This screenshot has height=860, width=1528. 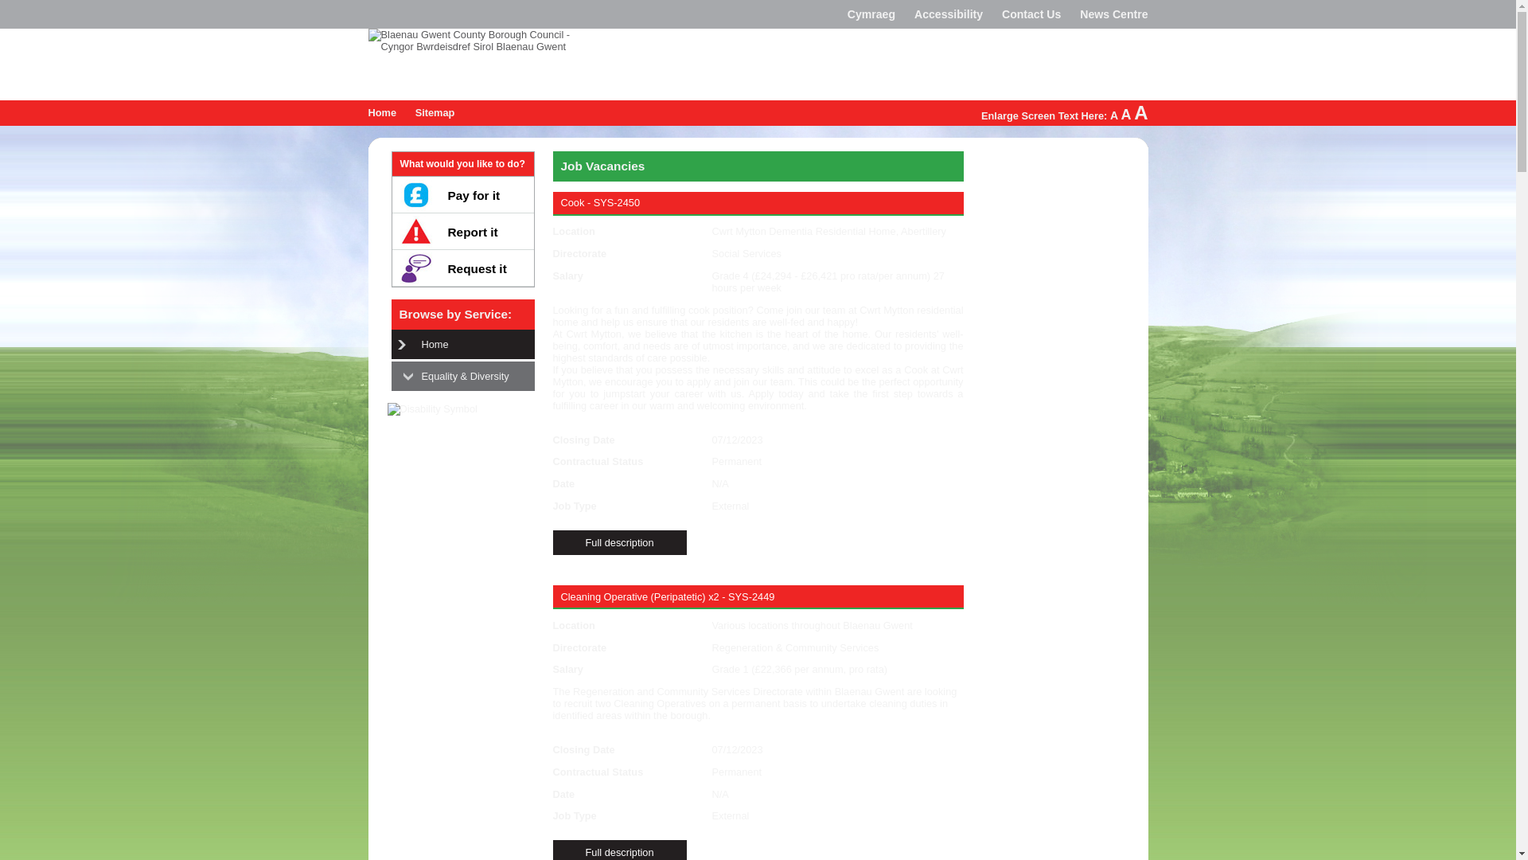 What do you see at coordinates (413, 343) in the screenshot?
I see `'Home'` at bounding box center [413, 343].